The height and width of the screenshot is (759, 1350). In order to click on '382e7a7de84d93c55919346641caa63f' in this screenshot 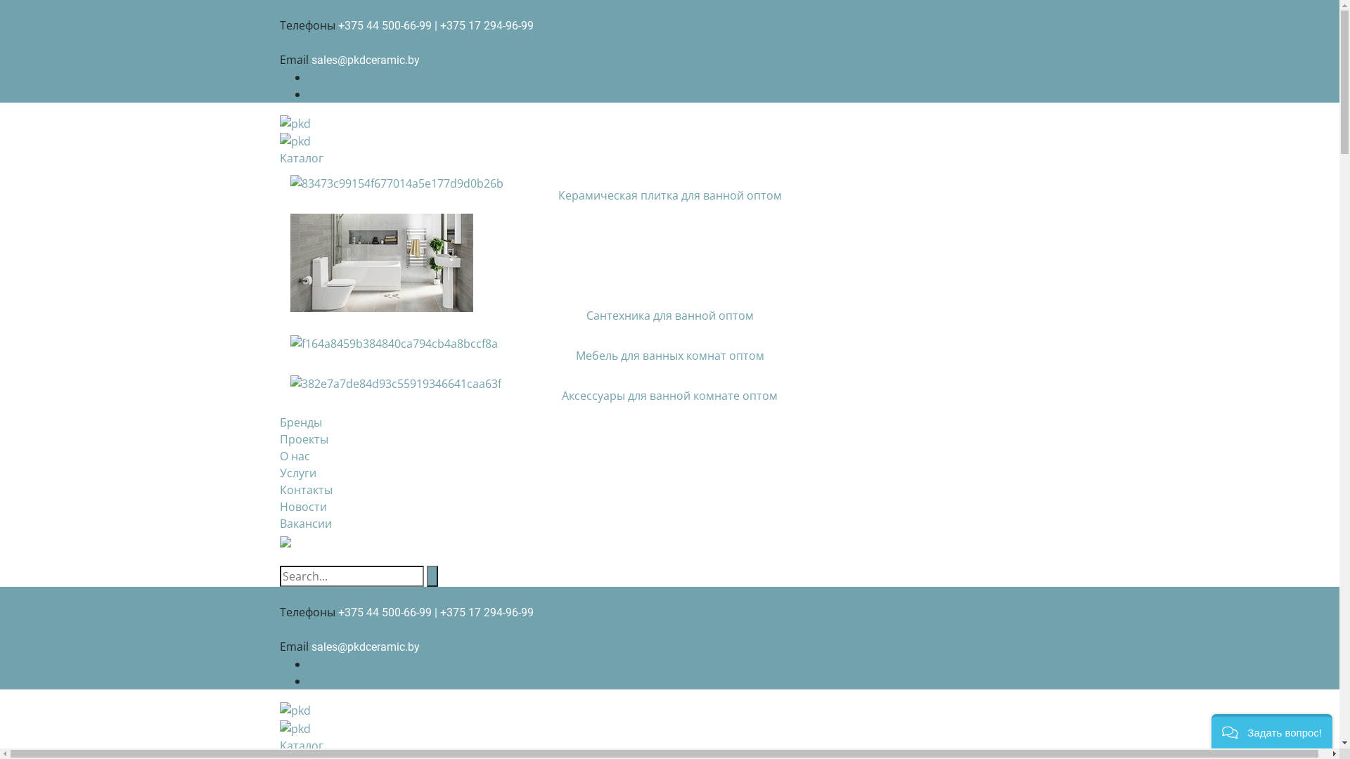, I will do `click(394, 384)`.